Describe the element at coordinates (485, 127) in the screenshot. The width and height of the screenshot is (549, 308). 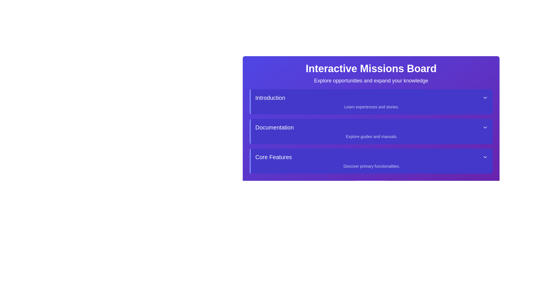
I see `the chevron icon located to the right side of the 'Documentation' section in the 'Interactive Missions Board' interface, indicating additional content can be expanded or collapsed` at that location.